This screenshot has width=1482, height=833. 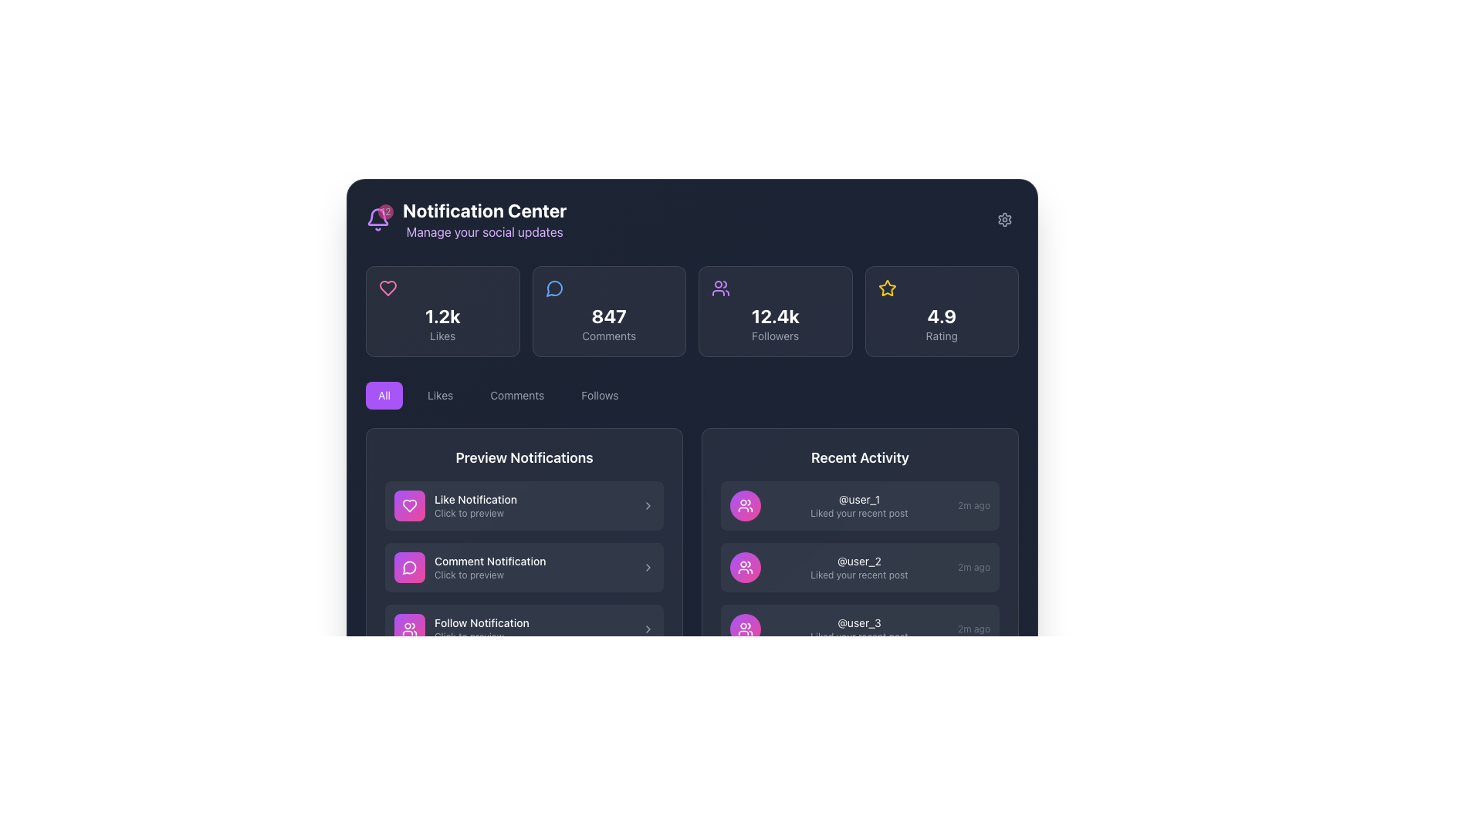 What do you see at coordinates (858, 629) in the screenshot?
I see `the text label indicating that '@user_3' liked a recent post, which is the third entry in the 'Recent Activity' section` at bounding box center [858, 629].